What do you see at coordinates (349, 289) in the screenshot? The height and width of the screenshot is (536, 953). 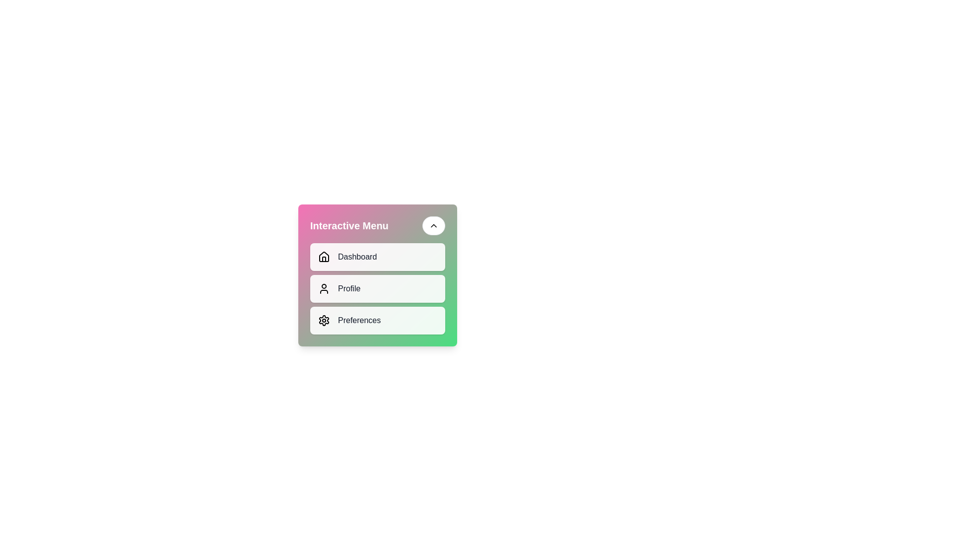 I see `the 'Profile' text label, which is styled in medium dark gray font and located next to a user silhouette icon in the second segment of the interactive menu` at bounding box center [349, 289].